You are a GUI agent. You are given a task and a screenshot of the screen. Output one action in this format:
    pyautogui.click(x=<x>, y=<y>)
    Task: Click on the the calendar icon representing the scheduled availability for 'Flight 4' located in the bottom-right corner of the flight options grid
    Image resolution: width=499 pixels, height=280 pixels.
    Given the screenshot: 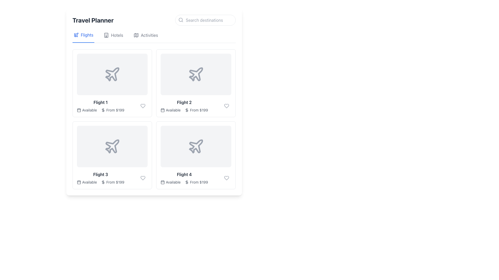 What is the action you would take?
    pyautogui.click(x=162, y=182)
    